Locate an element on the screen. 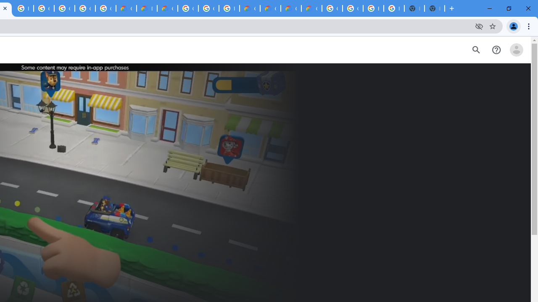  'Google Cloud Platform' is located at coordinates (208, 8).